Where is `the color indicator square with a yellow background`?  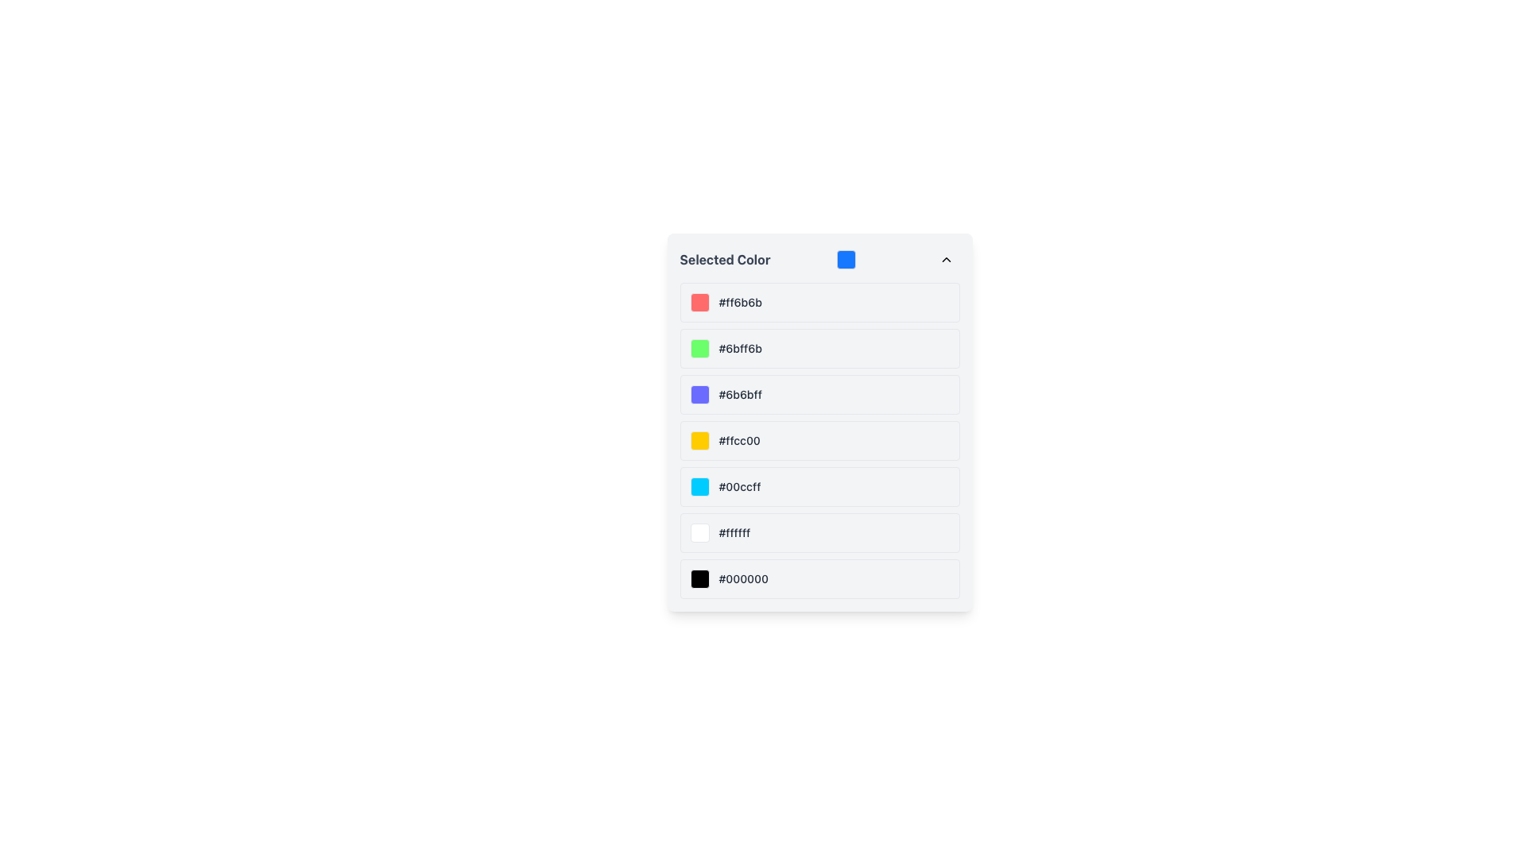
the color indicator square with a yellow background is located at coordinates (699, 441).